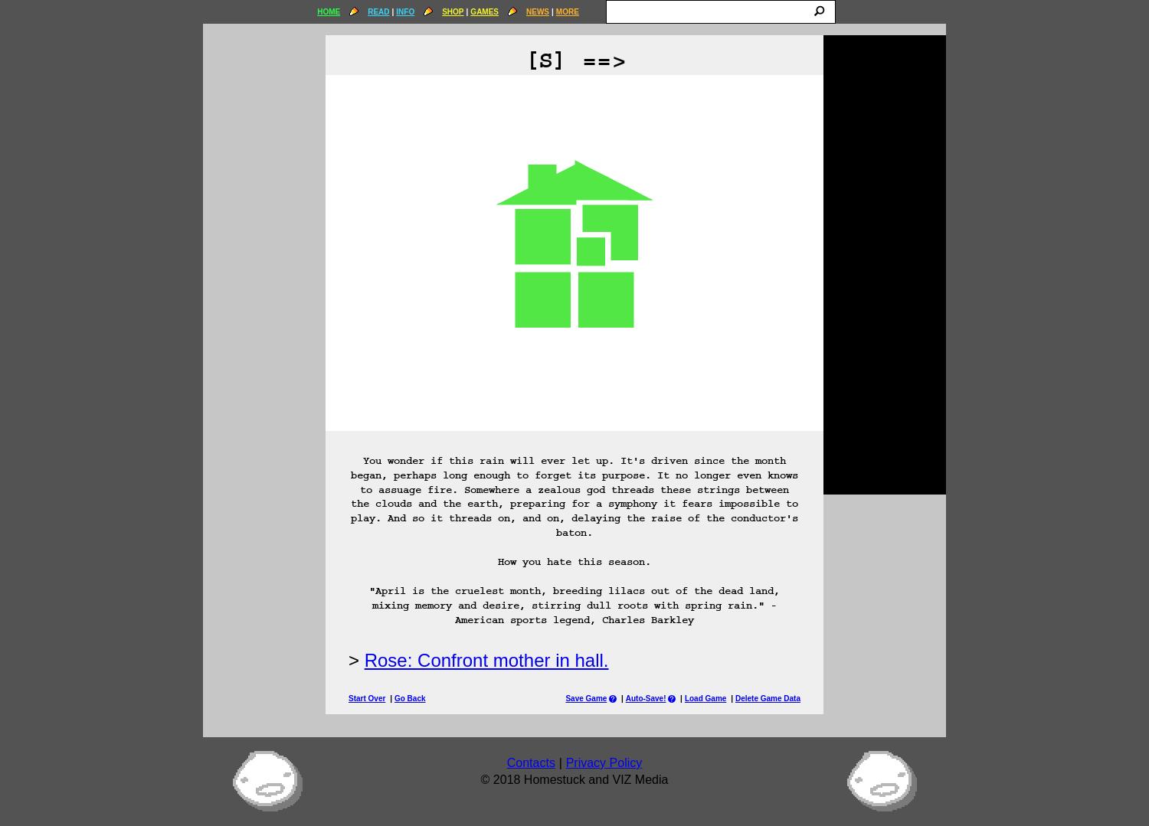  Describe the element at coordinates (328, 11) in the screenshot. I see `'HOME'` at that location.